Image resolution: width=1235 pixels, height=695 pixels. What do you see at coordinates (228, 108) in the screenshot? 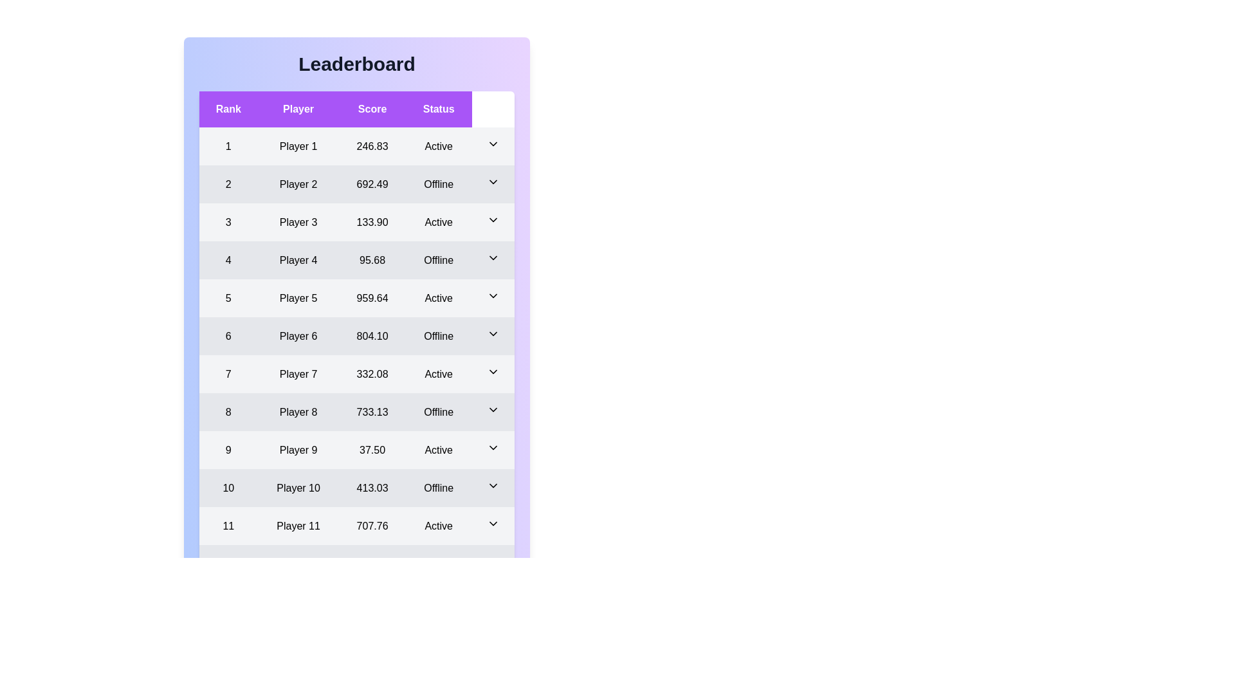
I see `the column header Rank to sort the leaderboard` at bounding box center [228, 108].